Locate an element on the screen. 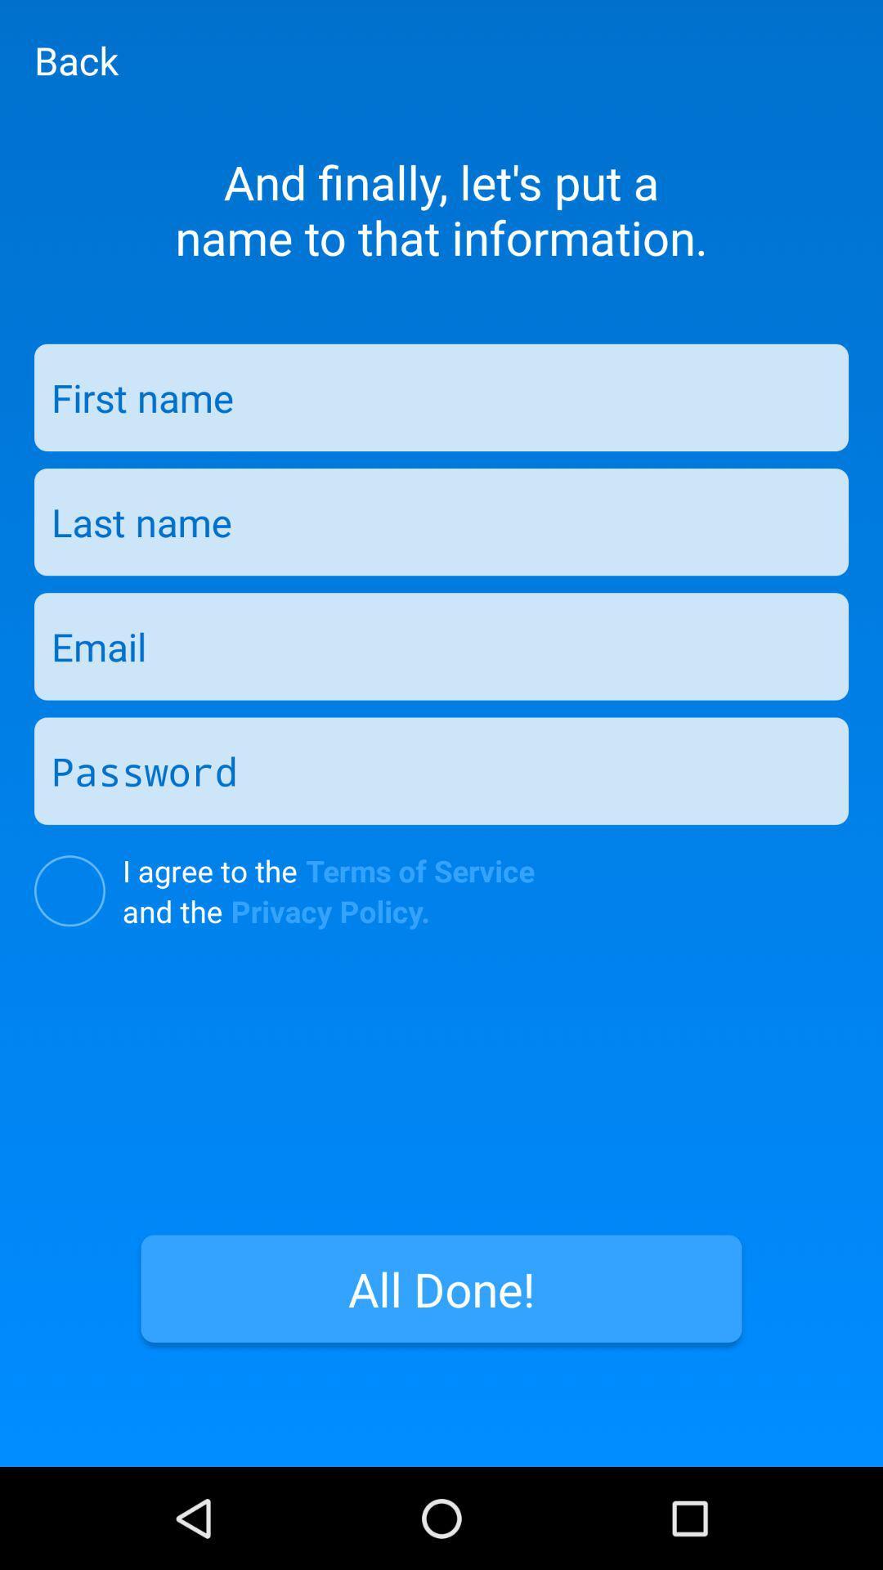 This screenshot has height=1570, width=883. email is located at coordinates (441, 645).